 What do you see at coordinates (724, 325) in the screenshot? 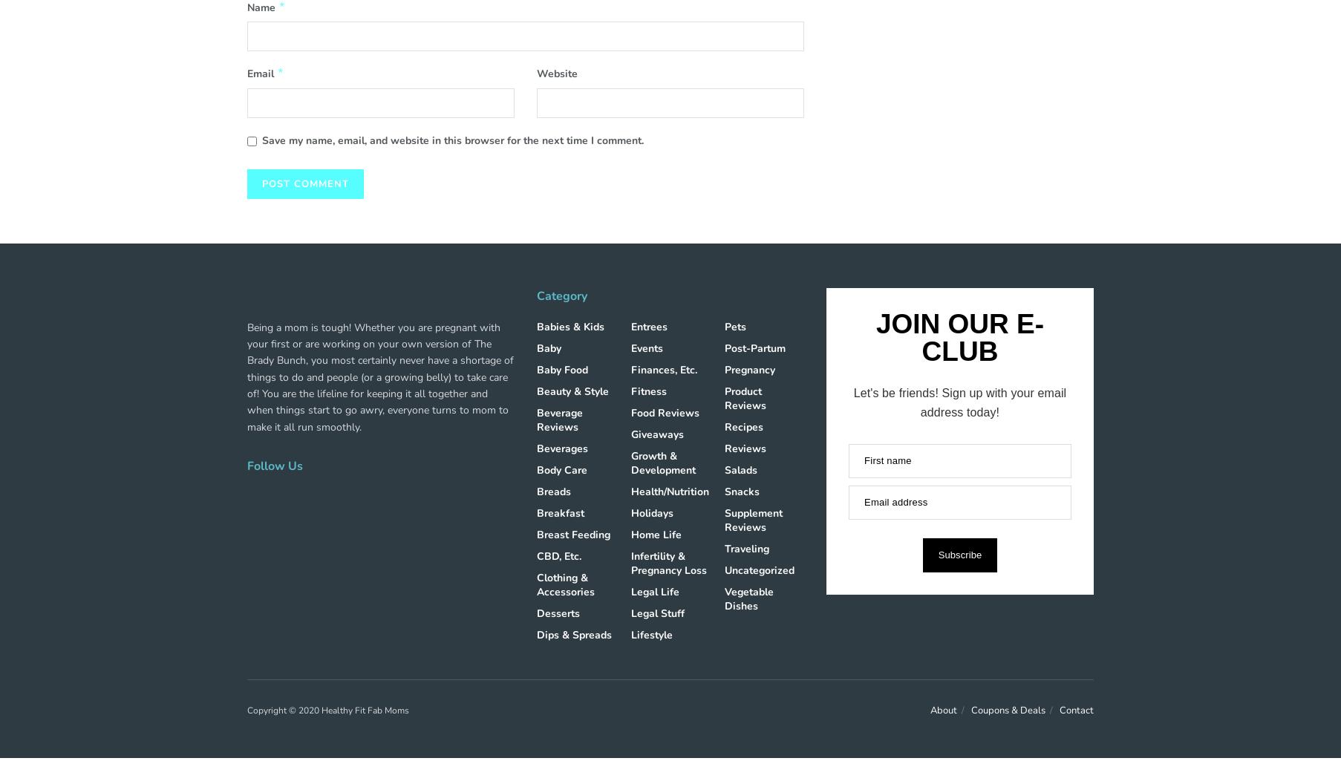
I see `'Pets'` at bounding box center [724, 325].